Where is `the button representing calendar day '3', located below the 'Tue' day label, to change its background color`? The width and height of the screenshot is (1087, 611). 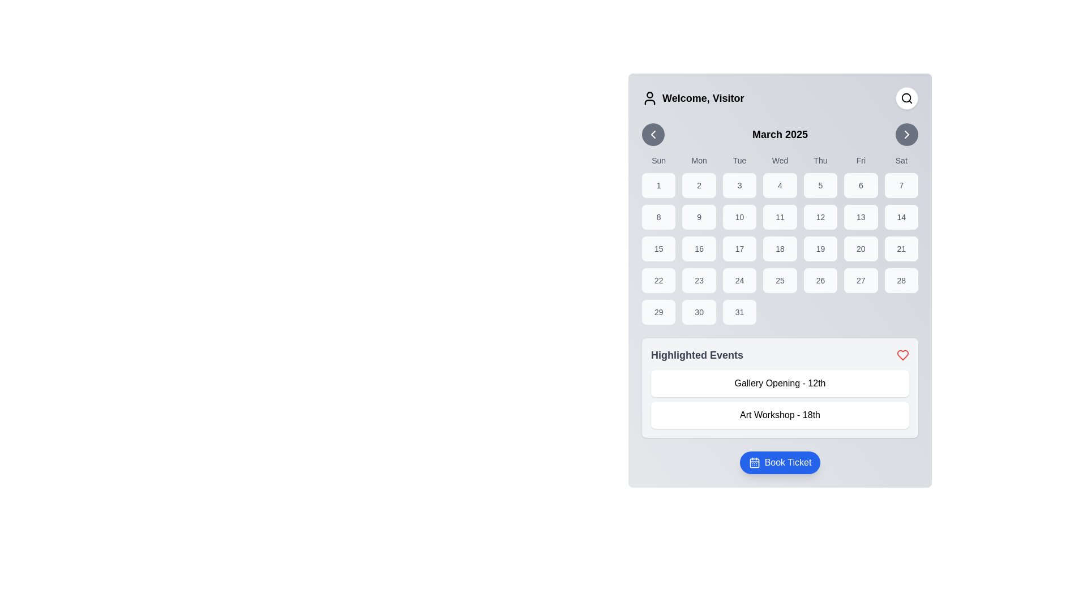
the button representing calendar day '3', located below the 'Tue' day label, to change its background color is located at coordinates (739, 184).